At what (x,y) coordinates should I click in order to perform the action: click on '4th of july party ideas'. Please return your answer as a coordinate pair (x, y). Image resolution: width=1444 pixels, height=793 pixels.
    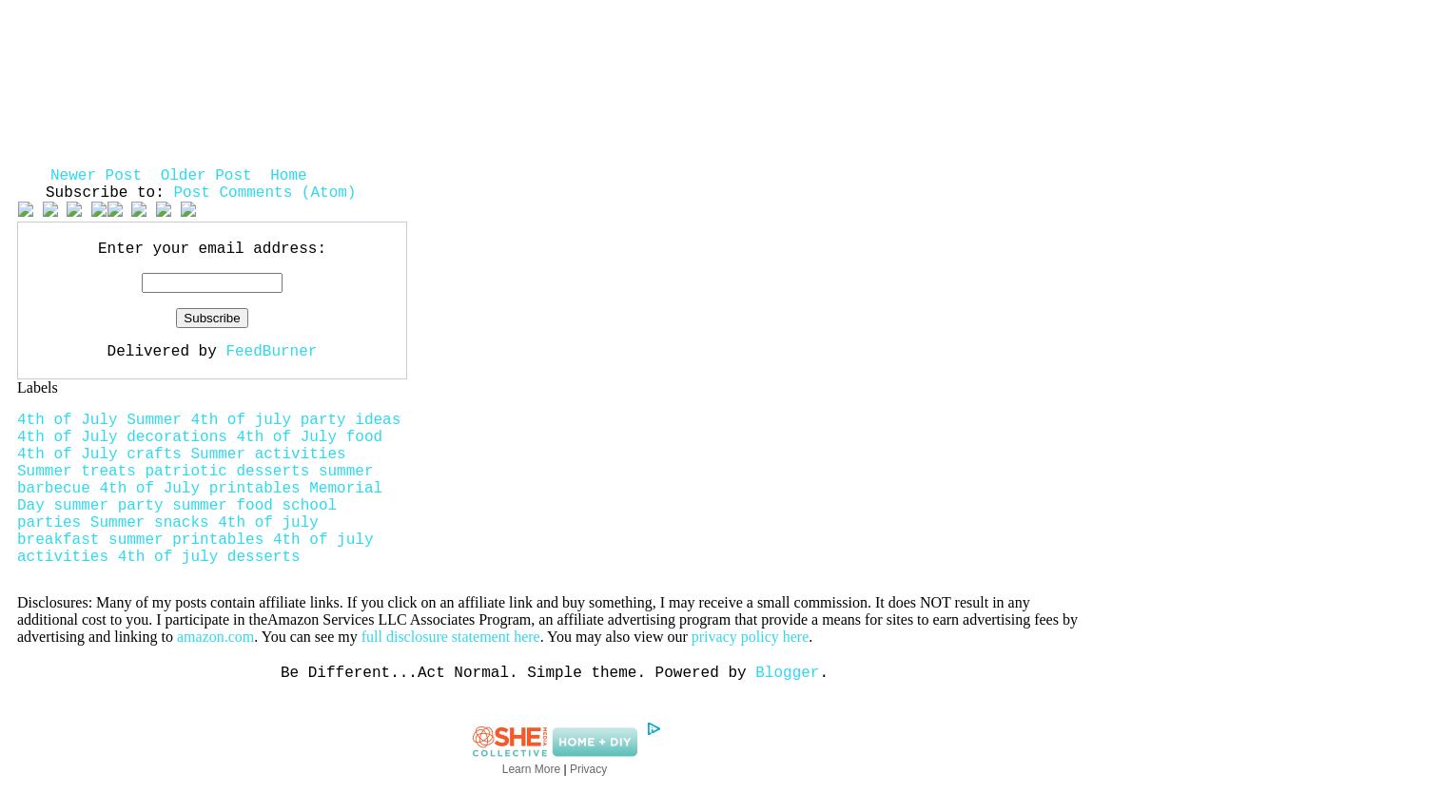
    Looking at the image, I should click on (294, 420).